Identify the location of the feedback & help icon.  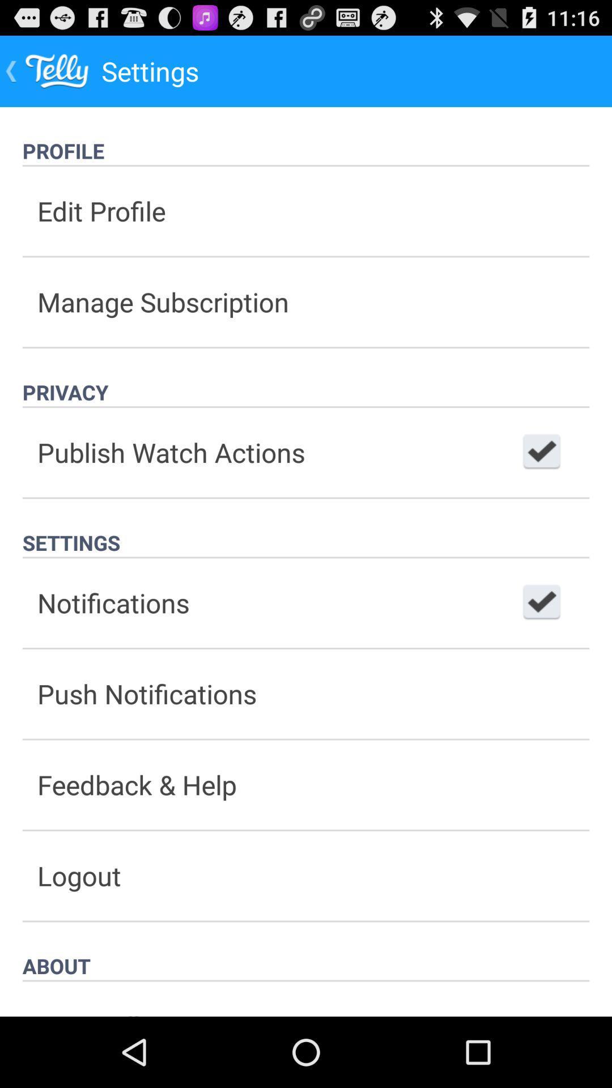
(306, 784).